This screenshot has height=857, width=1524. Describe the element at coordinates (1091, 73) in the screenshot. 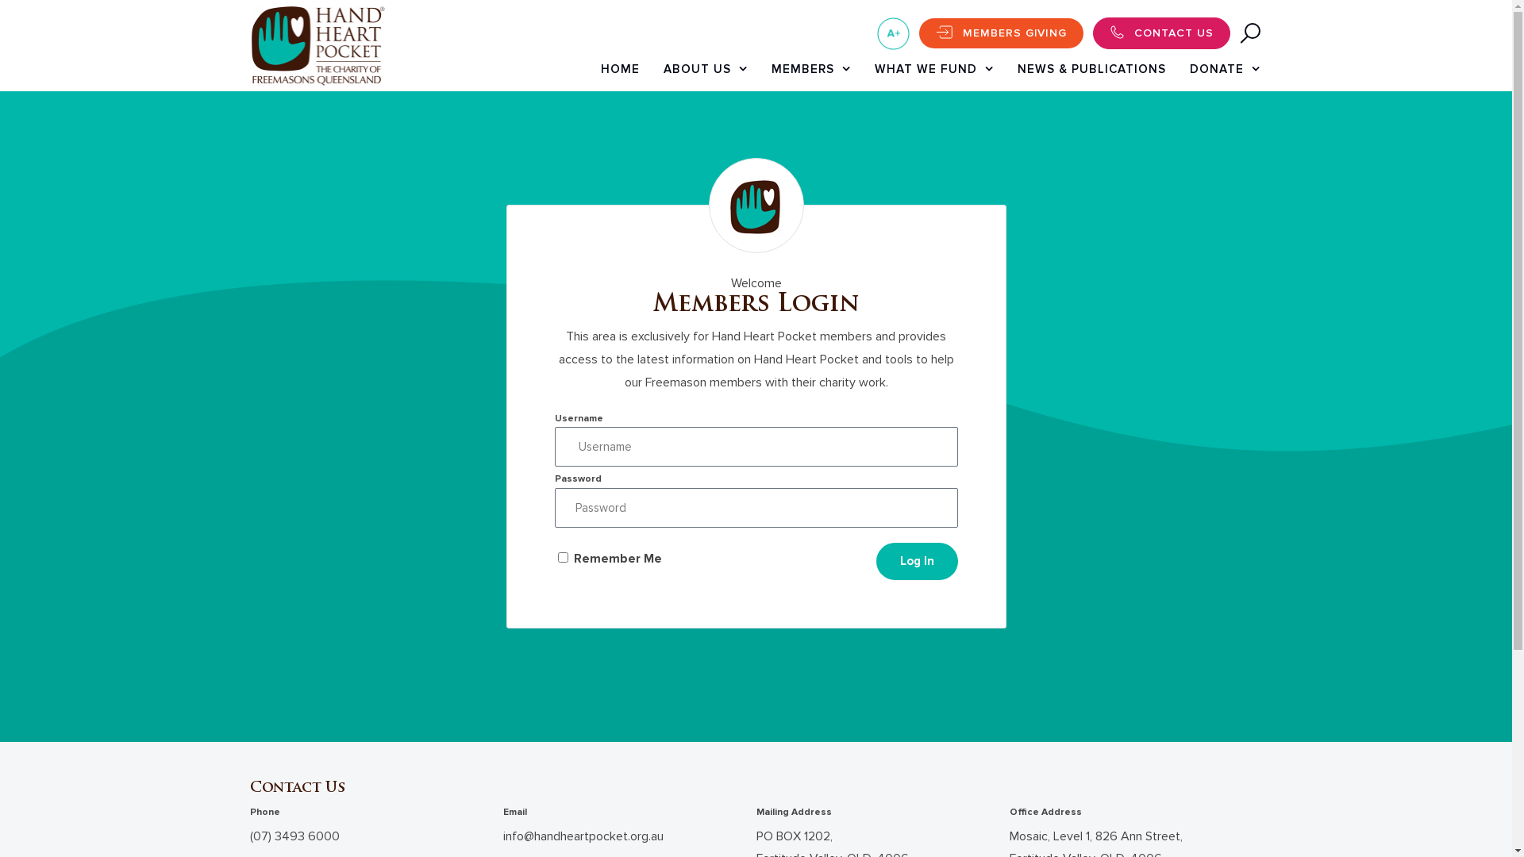

I see `'NEWS & PUBLICATIONS'` at that location.